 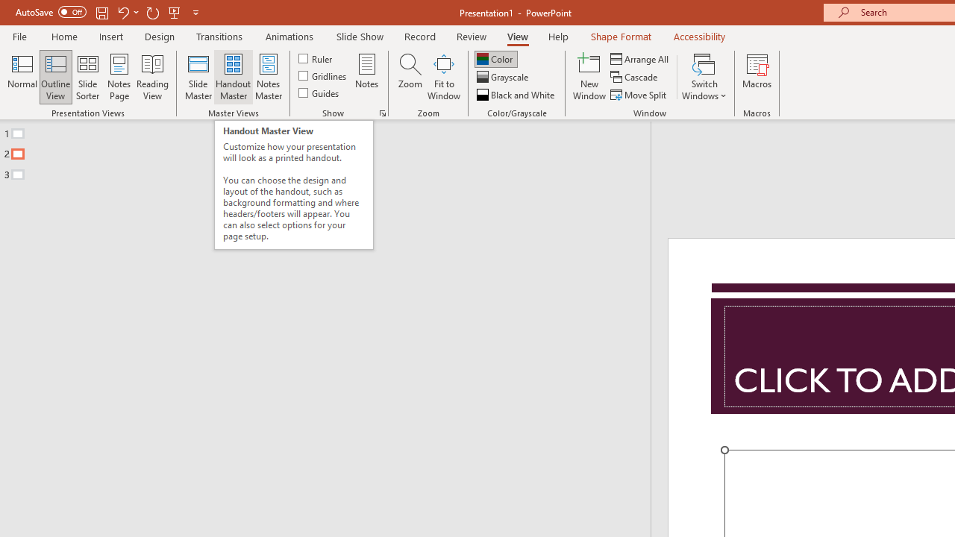 What do you see at coordinates (639, 95) in the screenshot?
I see `'Move Split'` at bounding box center [639, 95].